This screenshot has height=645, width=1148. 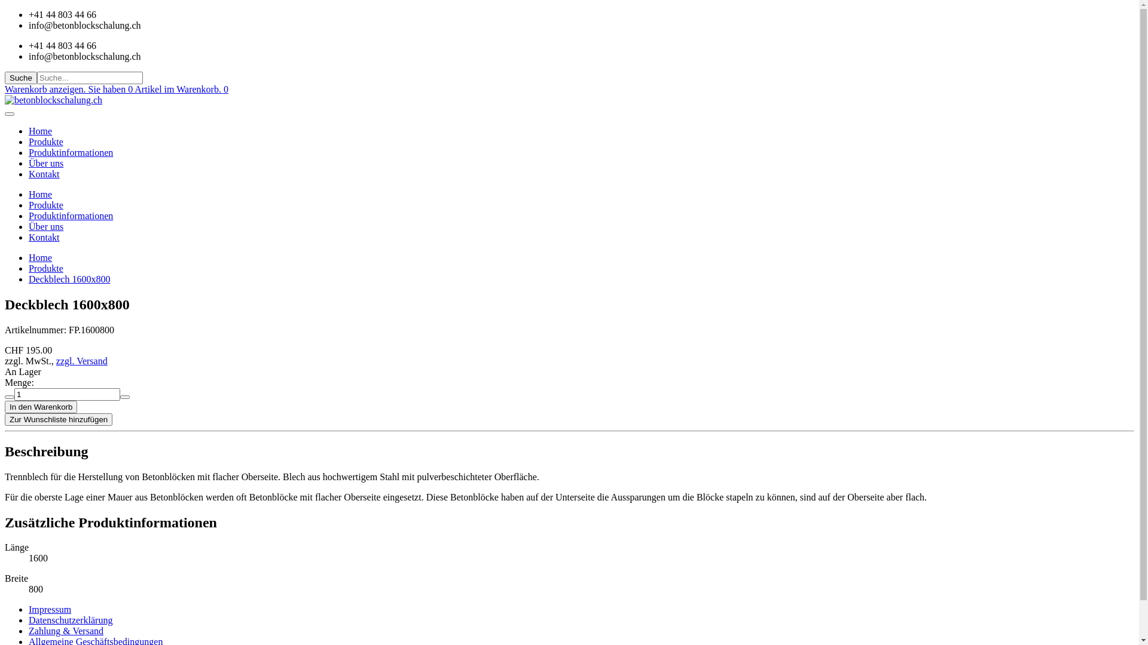 What do you see at coordinates (44, 237) in the screenshot?
I see `'Kontakt'` at bounding box center [44, 237].